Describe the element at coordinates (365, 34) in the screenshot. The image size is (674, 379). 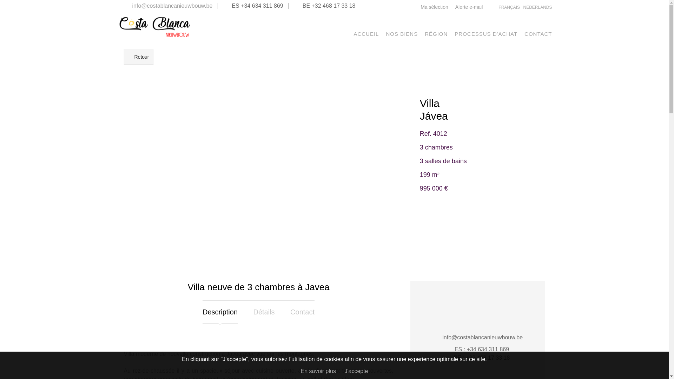
I see `'ACCUEIL'` at that location.